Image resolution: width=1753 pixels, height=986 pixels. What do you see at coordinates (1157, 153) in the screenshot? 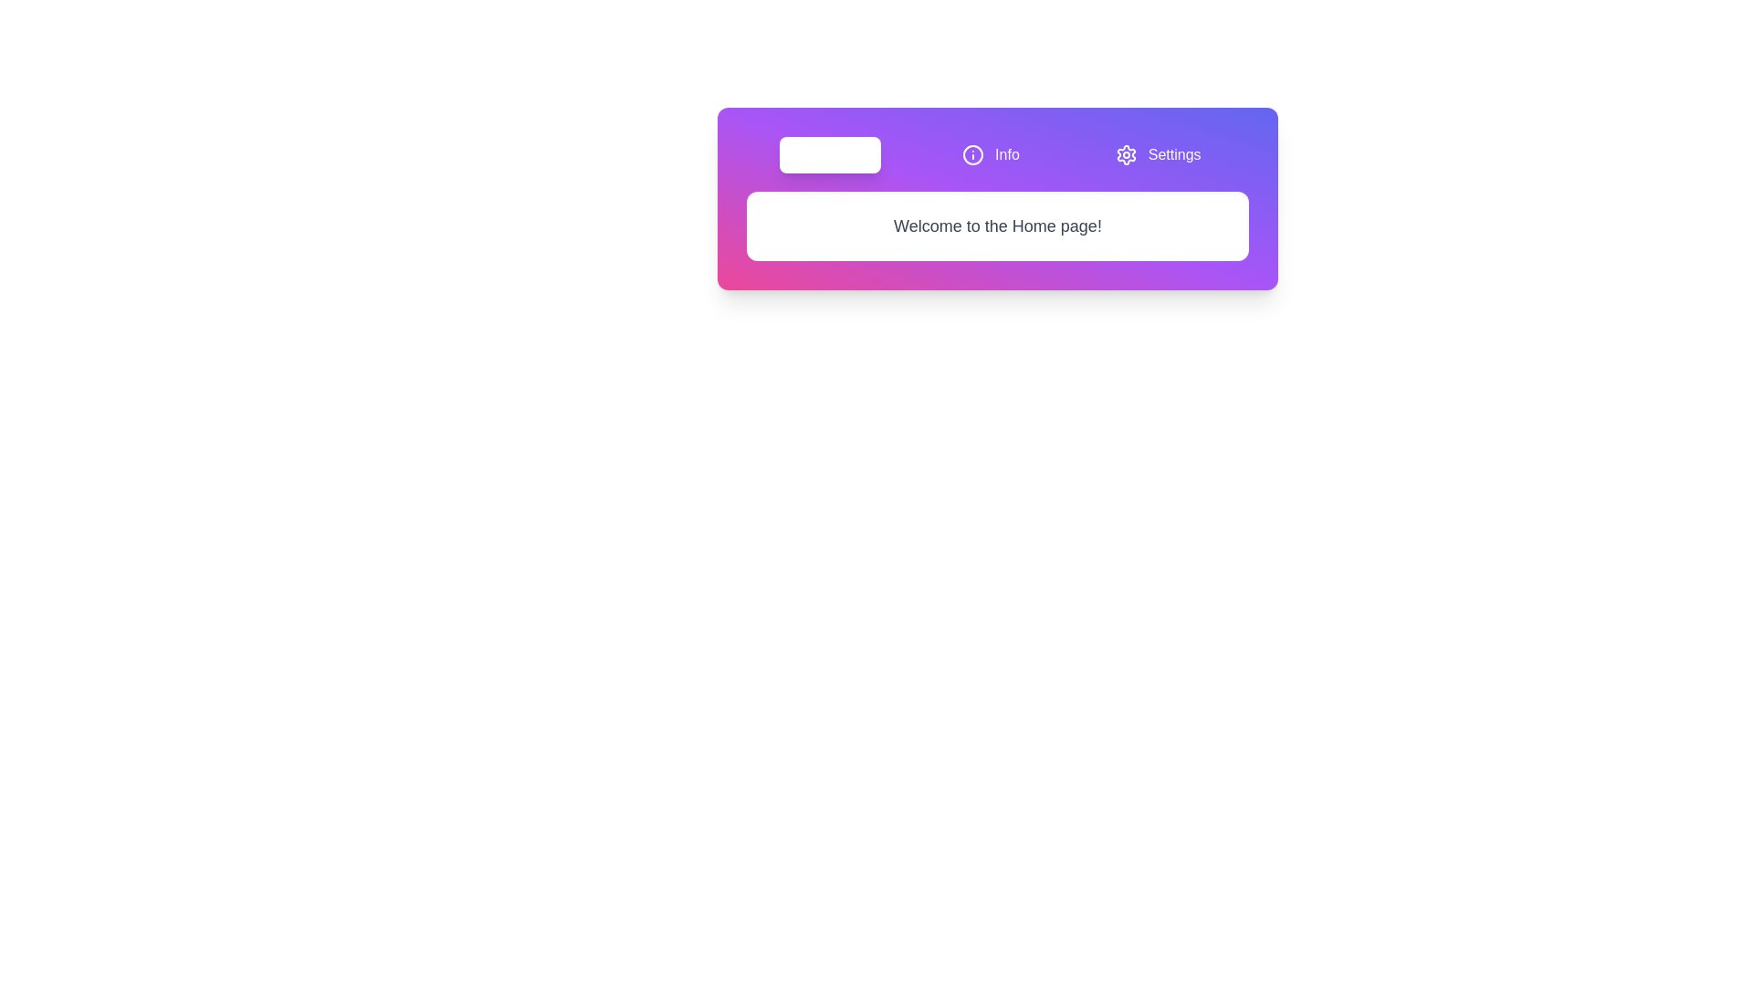
I see `the tab labeled Settings` at bounding box center [1157, 153].